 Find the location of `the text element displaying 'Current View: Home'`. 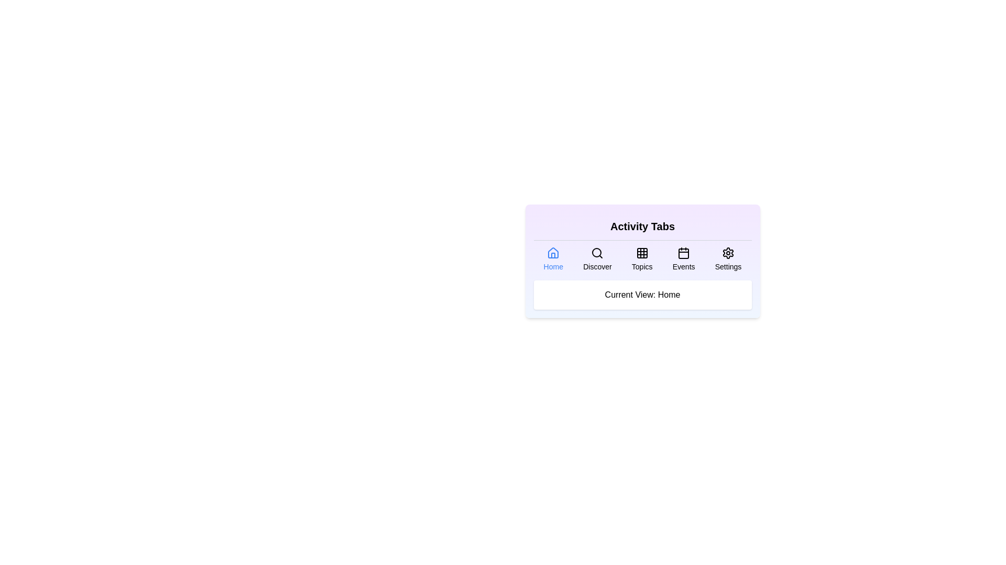

the text element displaying 'Current View: Home' is located at coordinates (642, 295).